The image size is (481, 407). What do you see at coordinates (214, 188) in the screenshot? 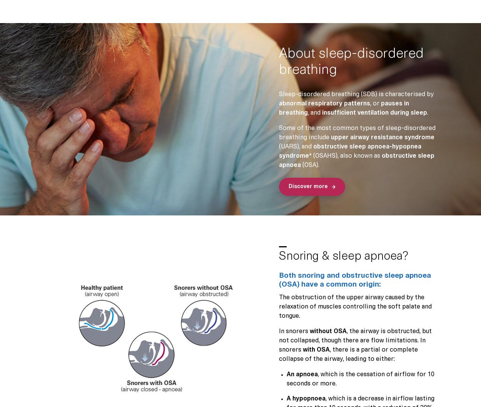
I see `'There are three types of'` at bounding box center [214, 188].